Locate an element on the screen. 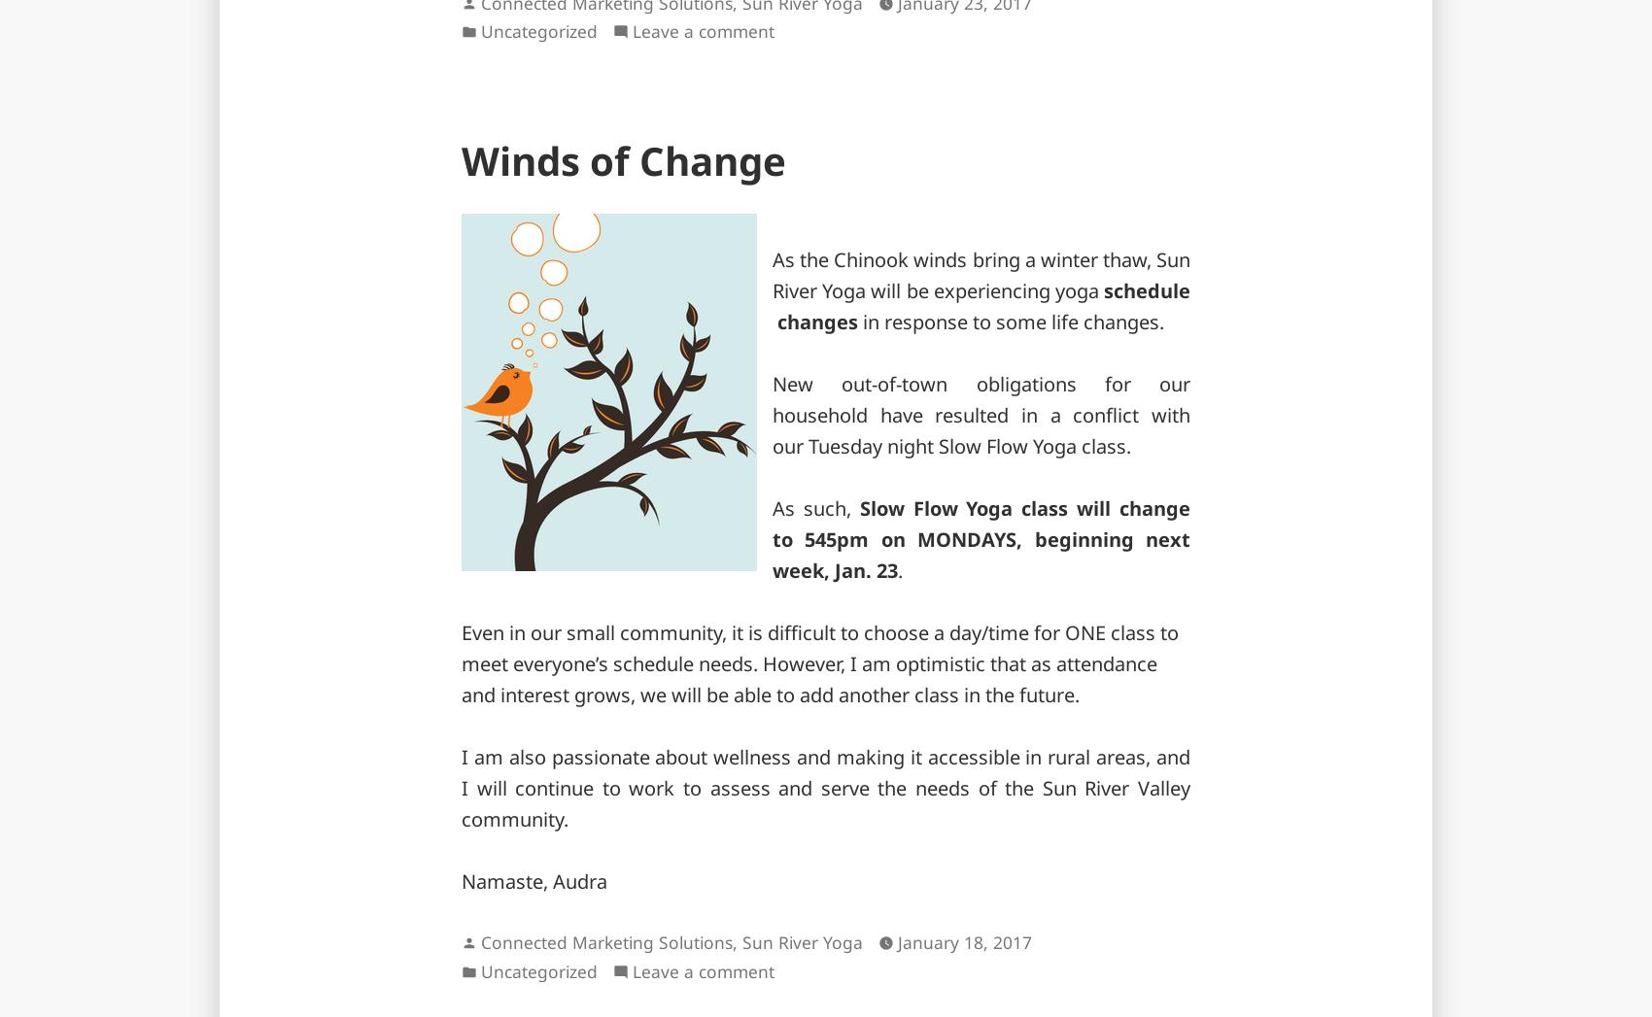 The width and height of the screenshot is (1652, 1017). 'schedule  changes' is located at coordinates (980, 304).